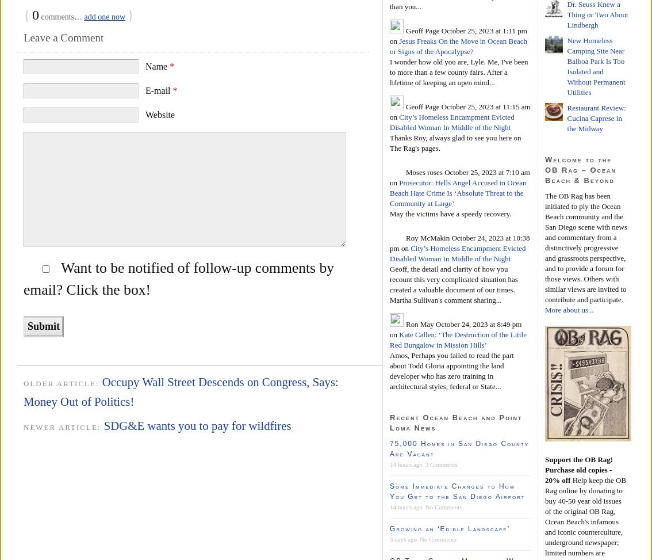 The width and height of the screenshot is (652, 560). I want to click on 'October 25, 2023 at 7:10 am', so click(485, 172).